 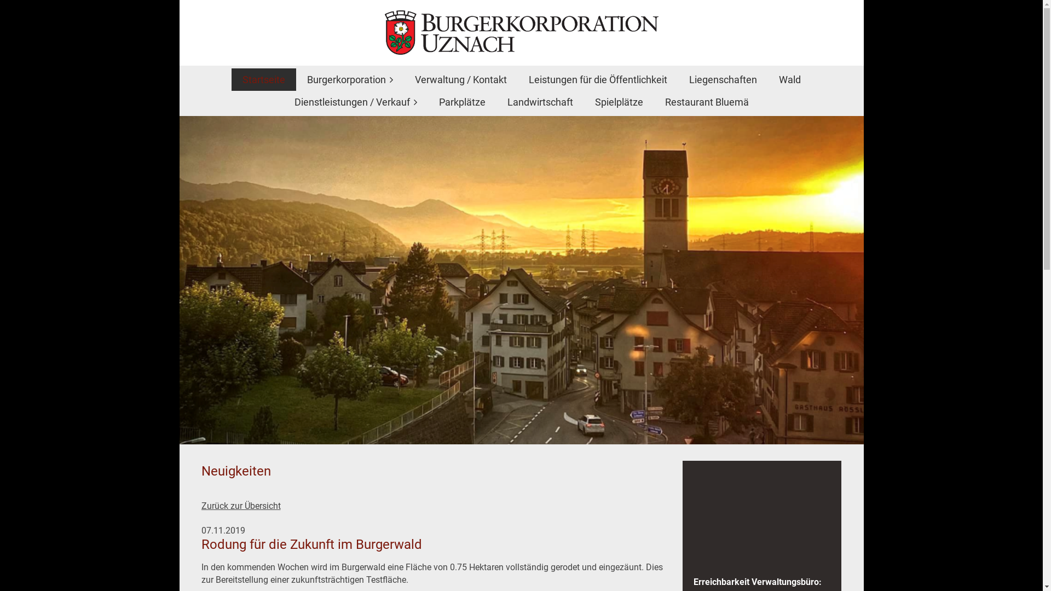 I want to click on 'Liegenschaften', so click(x=723, y=79).